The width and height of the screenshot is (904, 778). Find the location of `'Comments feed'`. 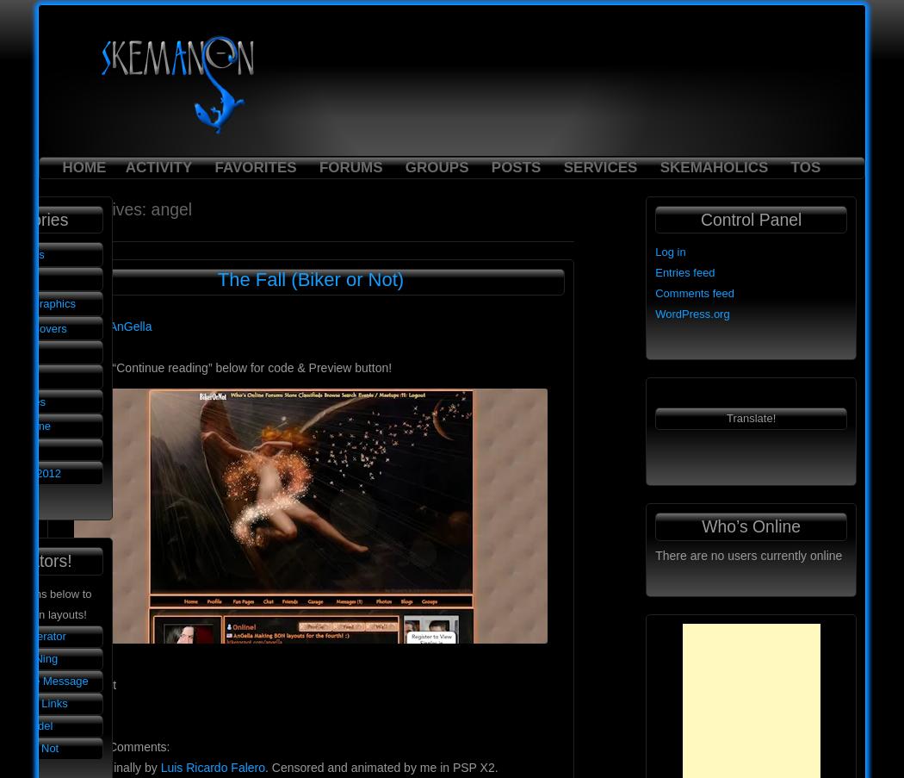

'Comments feed' is located at coordinates (693, 293).